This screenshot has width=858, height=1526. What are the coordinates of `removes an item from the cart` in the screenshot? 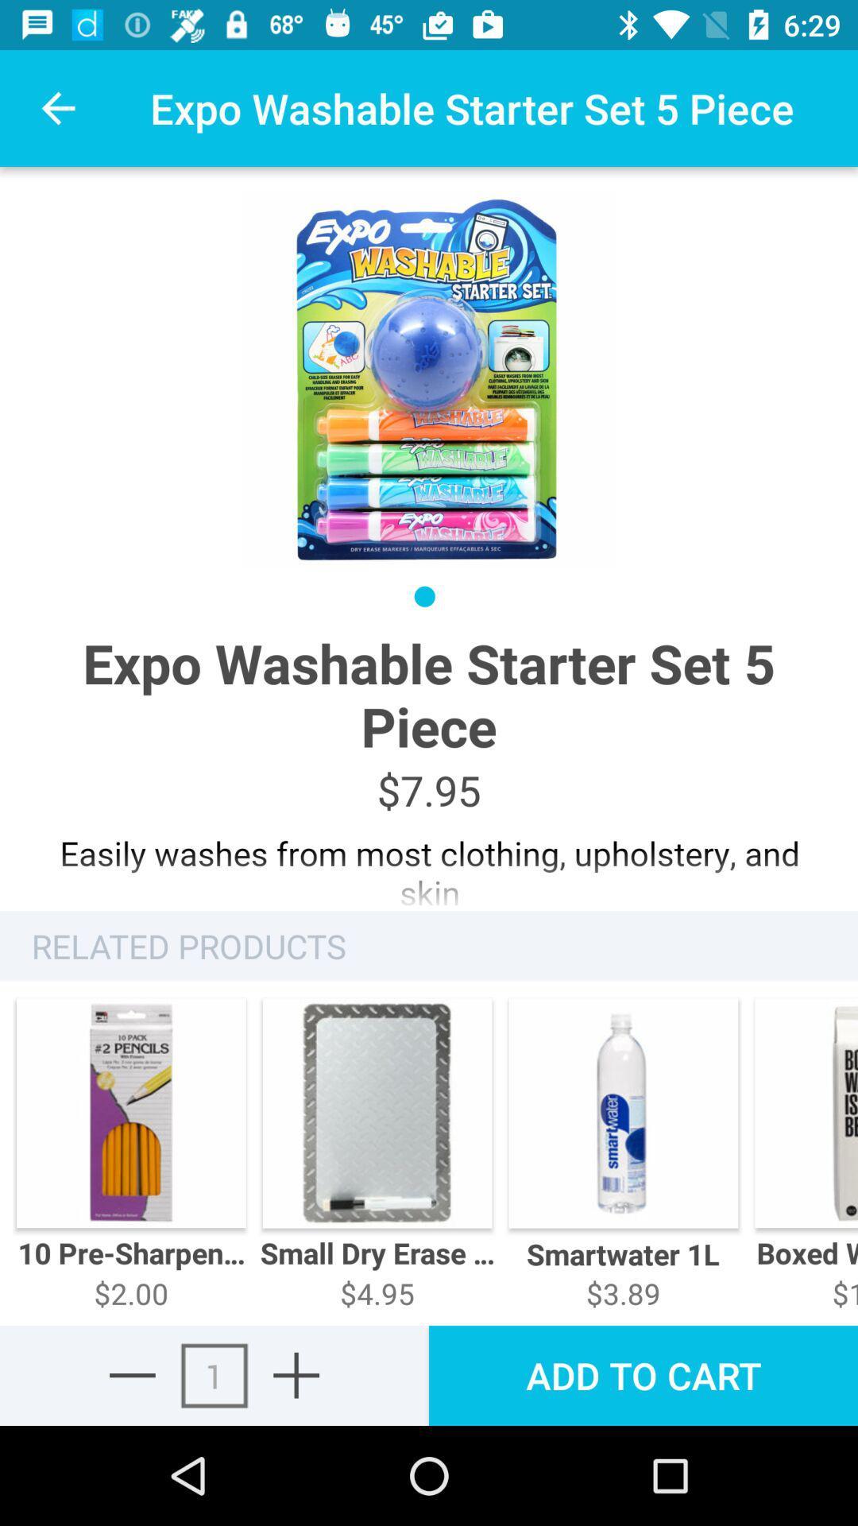 It's located at (131, 1374).